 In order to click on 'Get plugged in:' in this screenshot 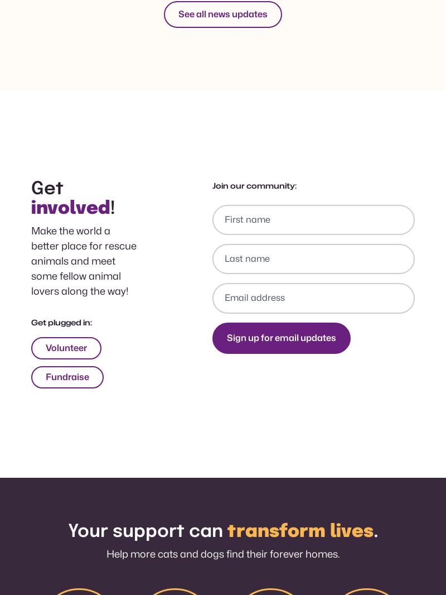, I will do `click(31, 322)`.